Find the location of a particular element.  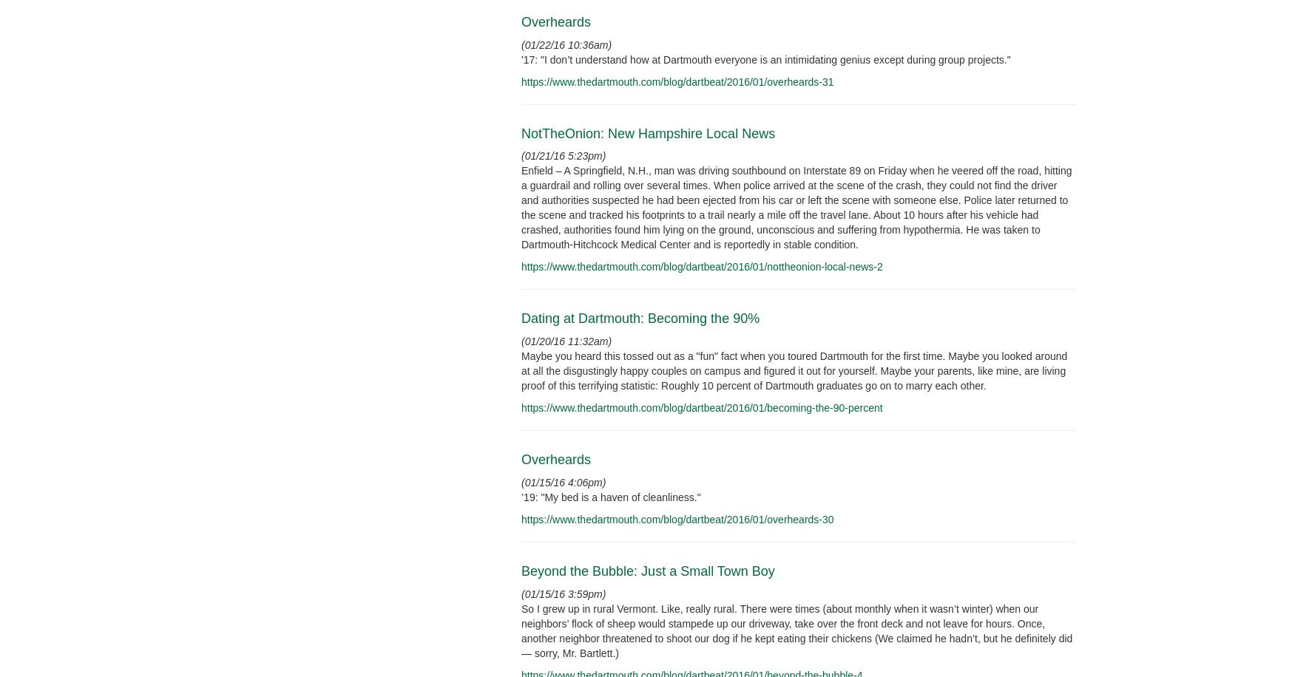

'https://www.thedartmouth.com/blog/dartbeat/2016/01/overheards-30' is located at coordinates (676, 520).